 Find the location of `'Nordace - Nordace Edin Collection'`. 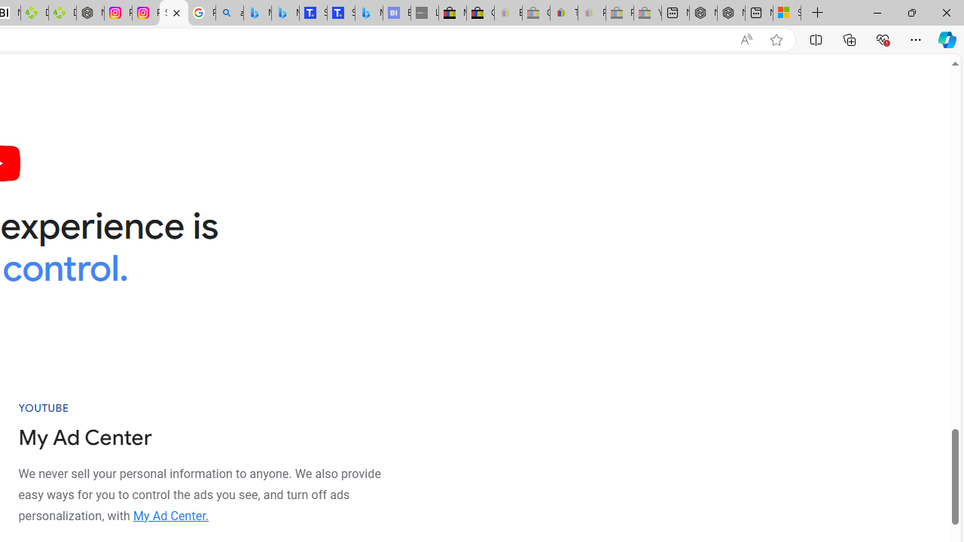

'Nordace - Nordace Edin Collection' is located at coordinates (90, 13).